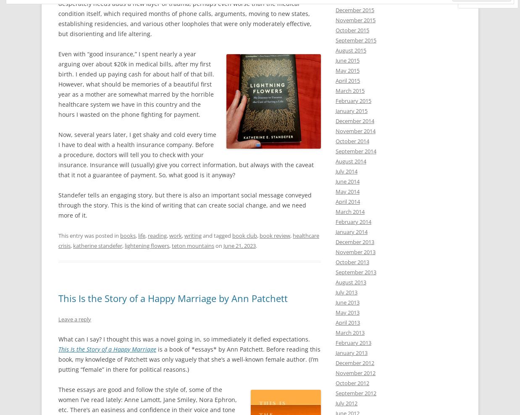  I want to click on 'October 2013', so click(352, 262).